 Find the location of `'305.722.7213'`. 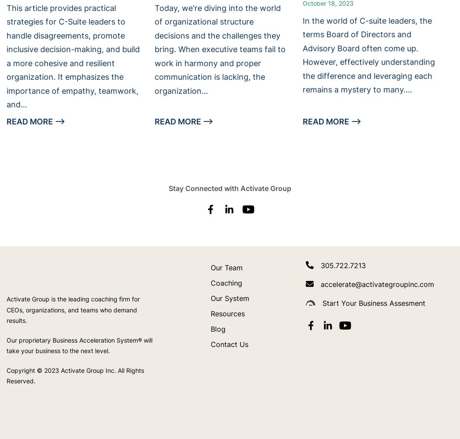

'305.722.7213' is located at coordinates (343, 265).